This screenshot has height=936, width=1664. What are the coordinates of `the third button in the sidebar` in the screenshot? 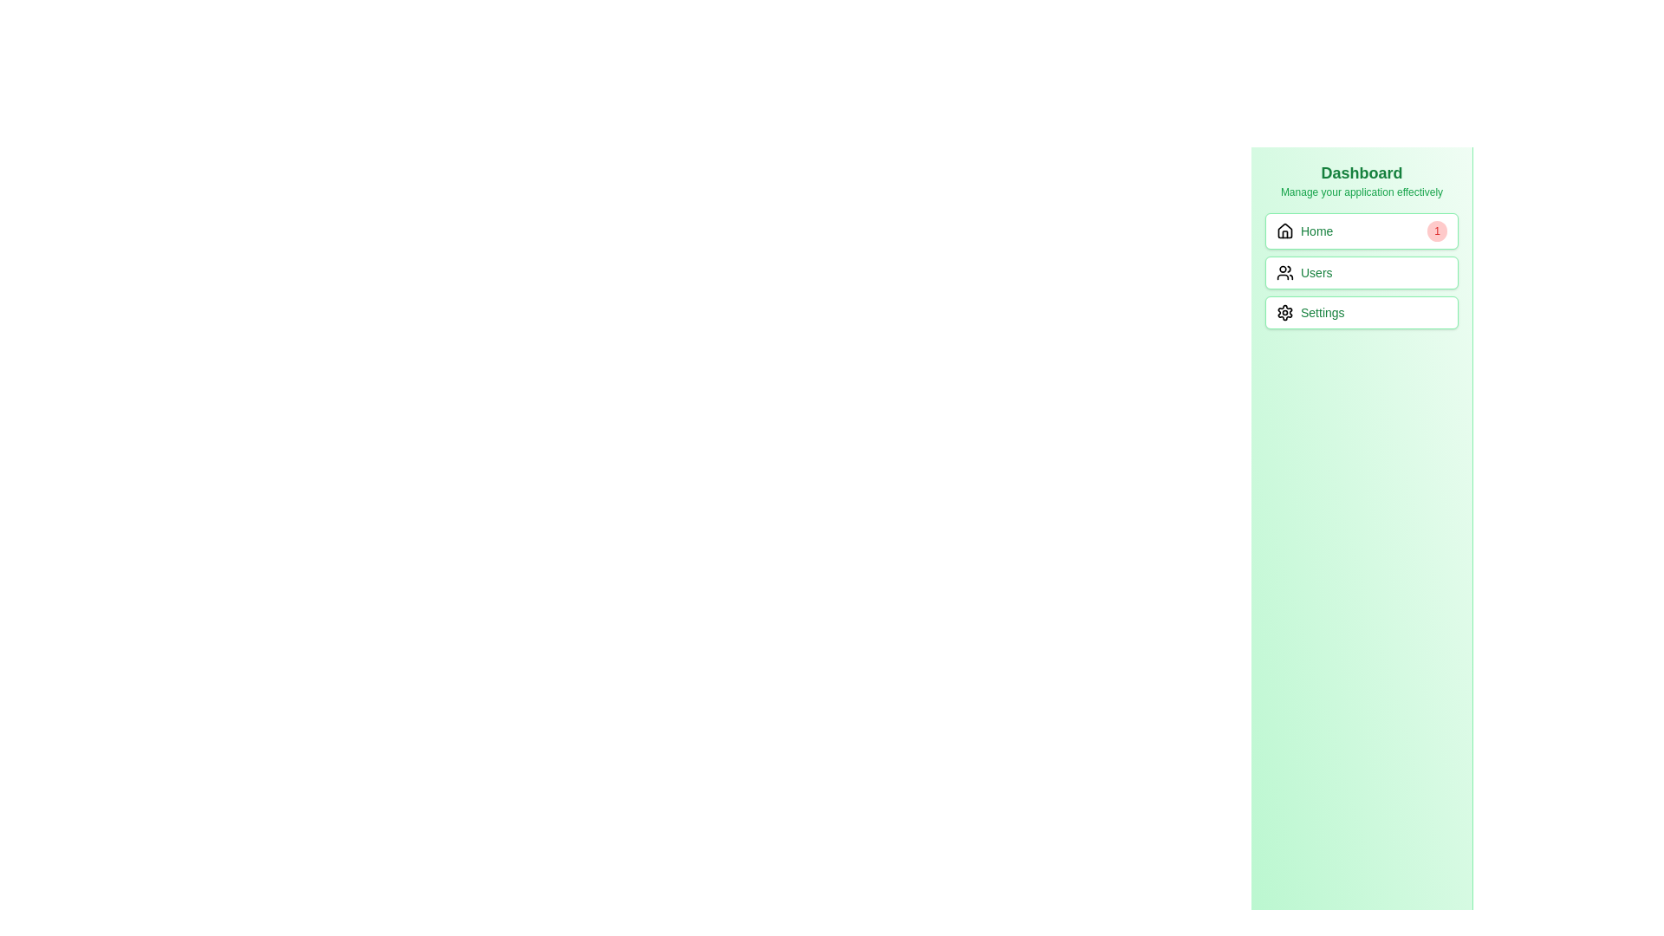 It's located at (1361, 313).